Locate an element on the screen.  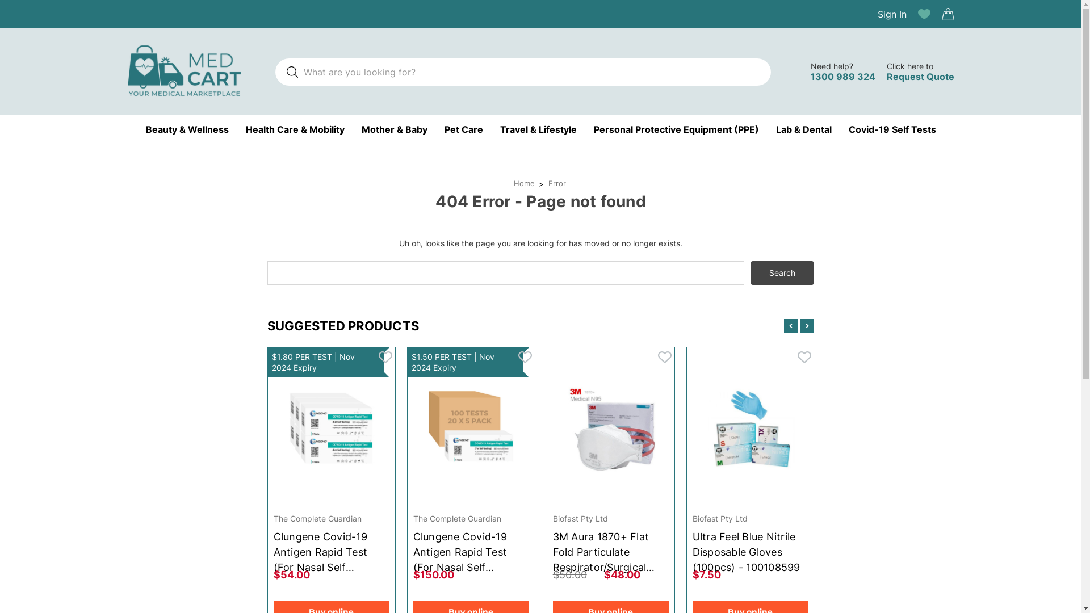
'MedCart' is located at coordinates (184, 72).